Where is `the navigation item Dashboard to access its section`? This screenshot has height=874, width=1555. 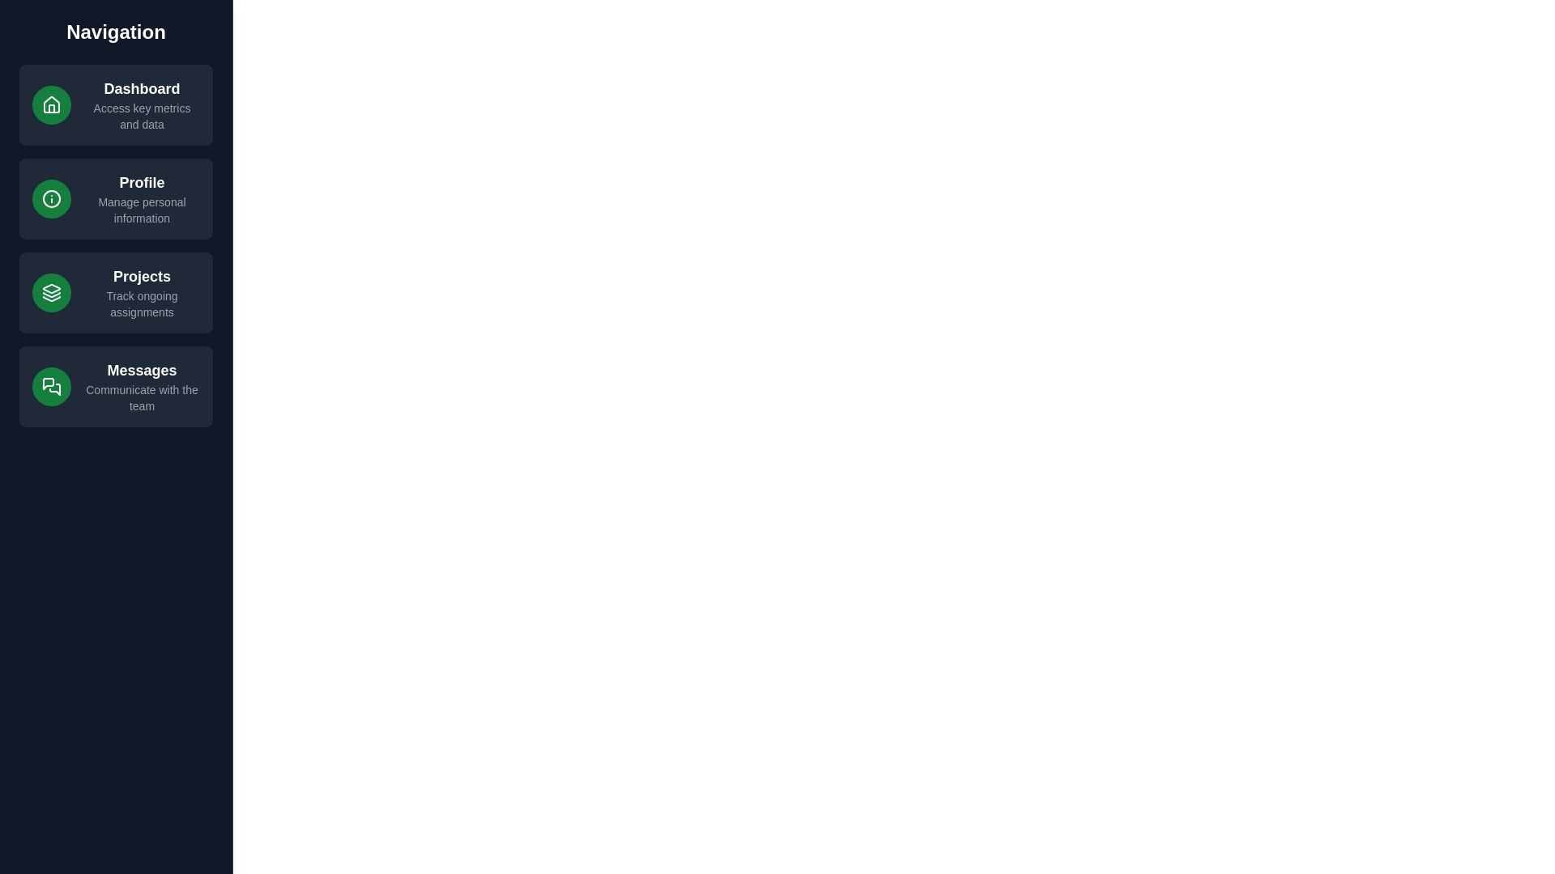 the navigation item Dashboard to access its section is located at coordinates (116, 105).